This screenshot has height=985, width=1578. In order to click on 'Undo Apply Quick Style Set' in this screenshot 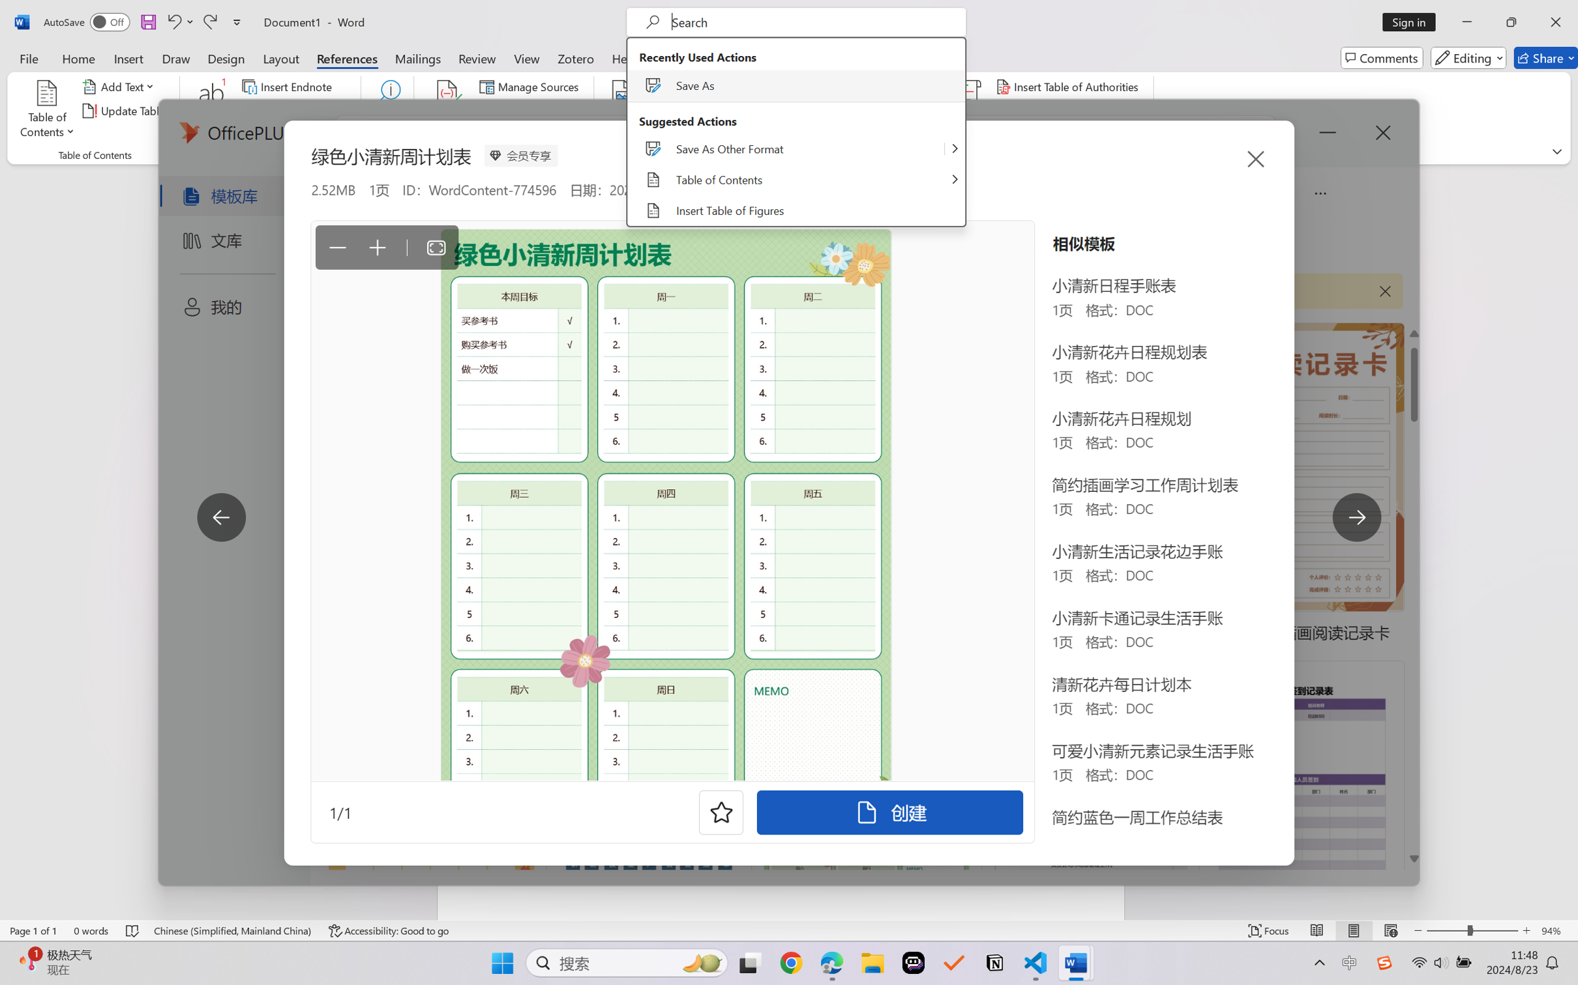, I will do `click(179, 21)`.